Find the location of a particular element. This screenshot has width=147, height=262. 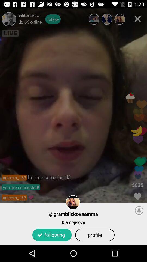

following app is located at coordinates (52, 234).